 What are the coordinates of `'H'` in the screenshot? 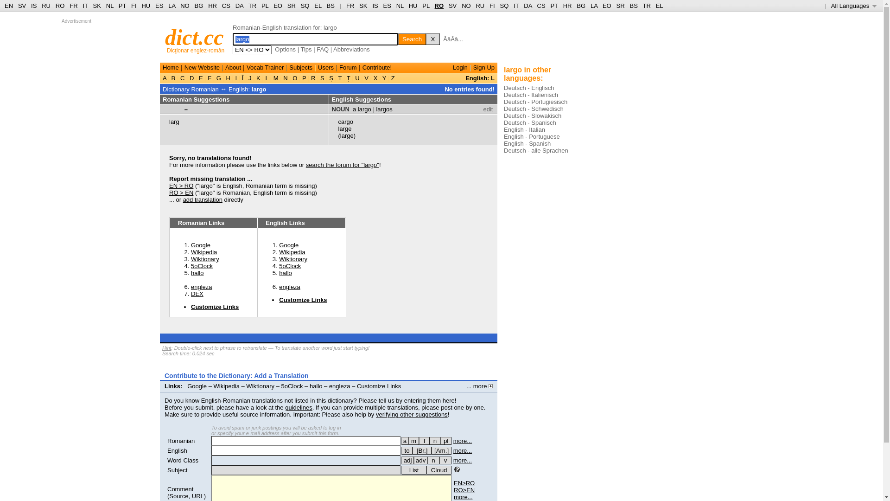 It's located at (228, 77).